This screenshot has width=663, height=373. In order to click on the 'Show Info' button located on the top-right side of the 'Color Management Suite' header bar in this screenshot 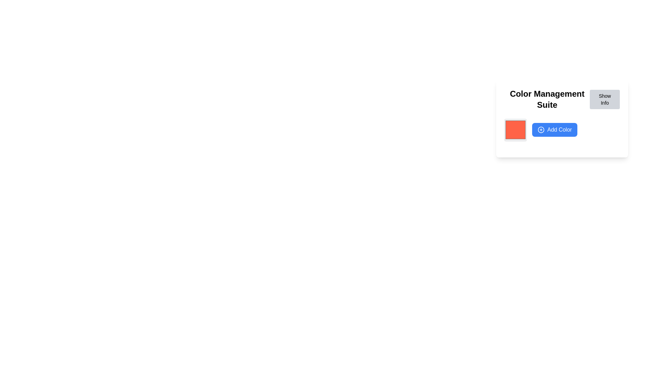, I will do `click(604, 99)`.